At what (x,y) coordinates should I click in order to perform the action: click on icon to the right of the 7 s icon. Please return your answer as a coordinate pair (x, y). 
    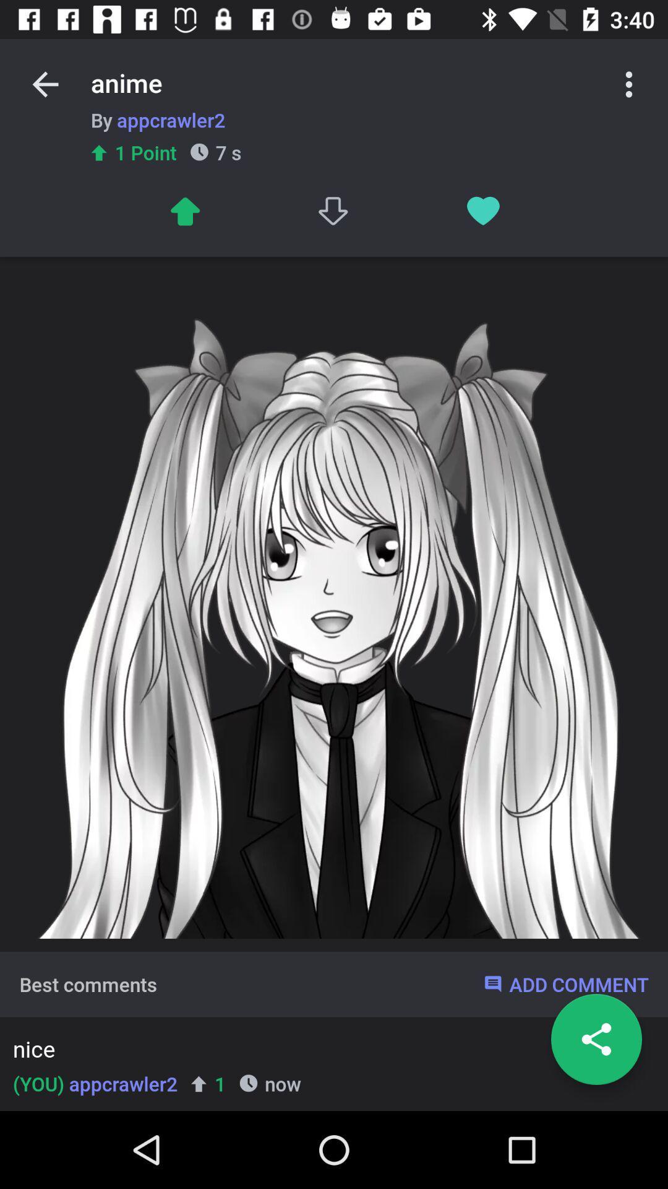
    Looking at the image, I should click on (334, 211).